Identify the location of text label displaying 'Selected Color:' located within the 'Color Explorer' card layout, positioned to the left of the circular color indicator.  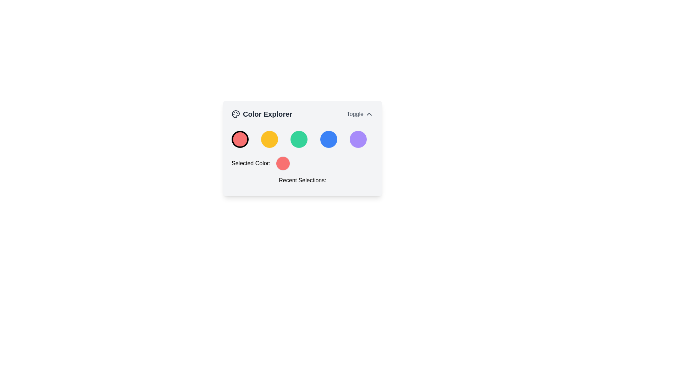
(251, 163).